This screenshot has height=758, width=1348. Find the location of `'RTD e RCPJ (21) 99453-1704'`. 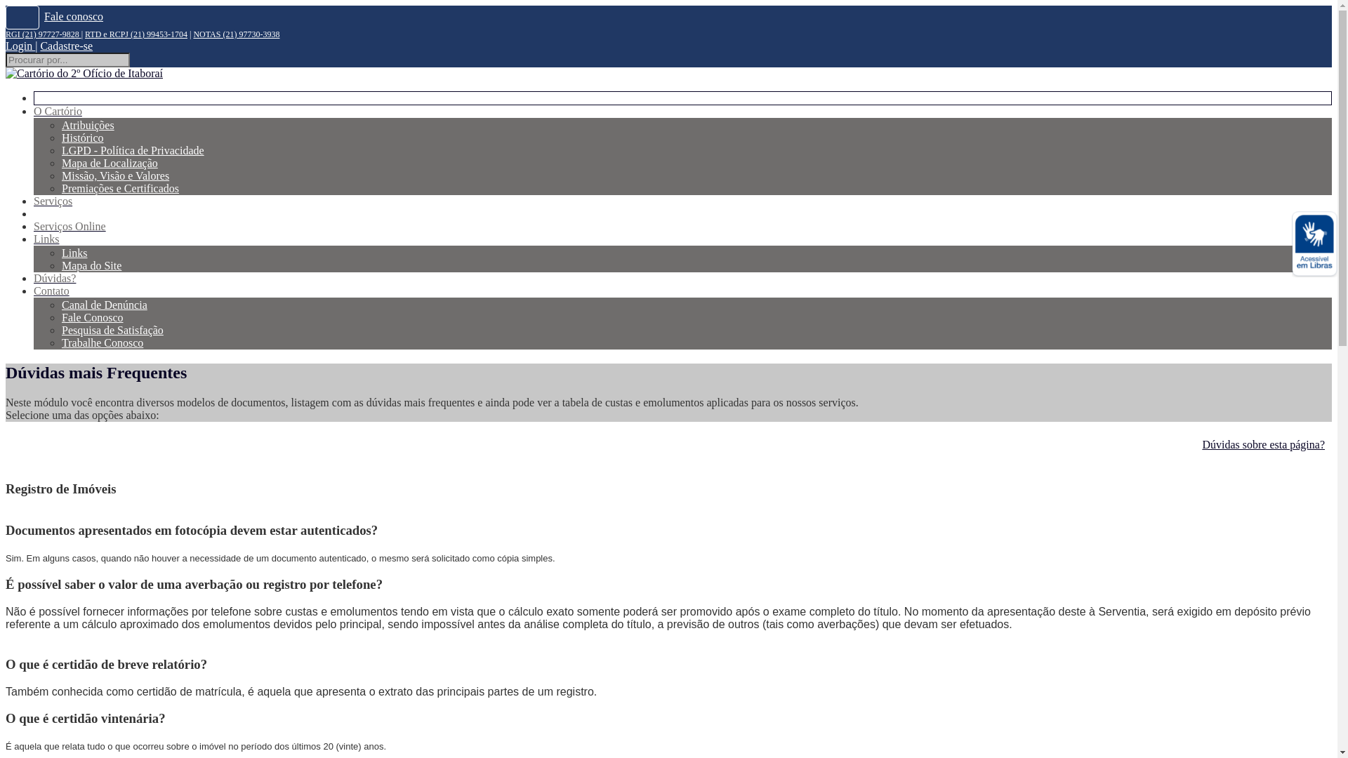

'RTD e RCPJ (21) 99453-1704' is located at coordinates (84, 34).